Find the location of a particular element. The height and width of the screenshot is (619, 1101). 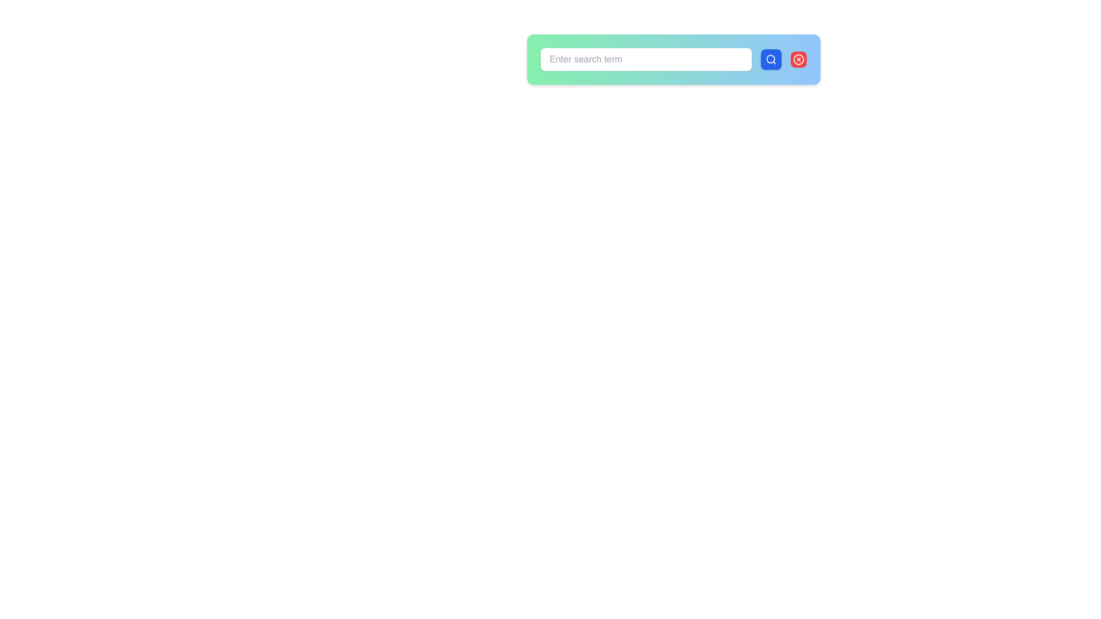

the red circular button with a white symbol inside is located at coordinates (798, 60).